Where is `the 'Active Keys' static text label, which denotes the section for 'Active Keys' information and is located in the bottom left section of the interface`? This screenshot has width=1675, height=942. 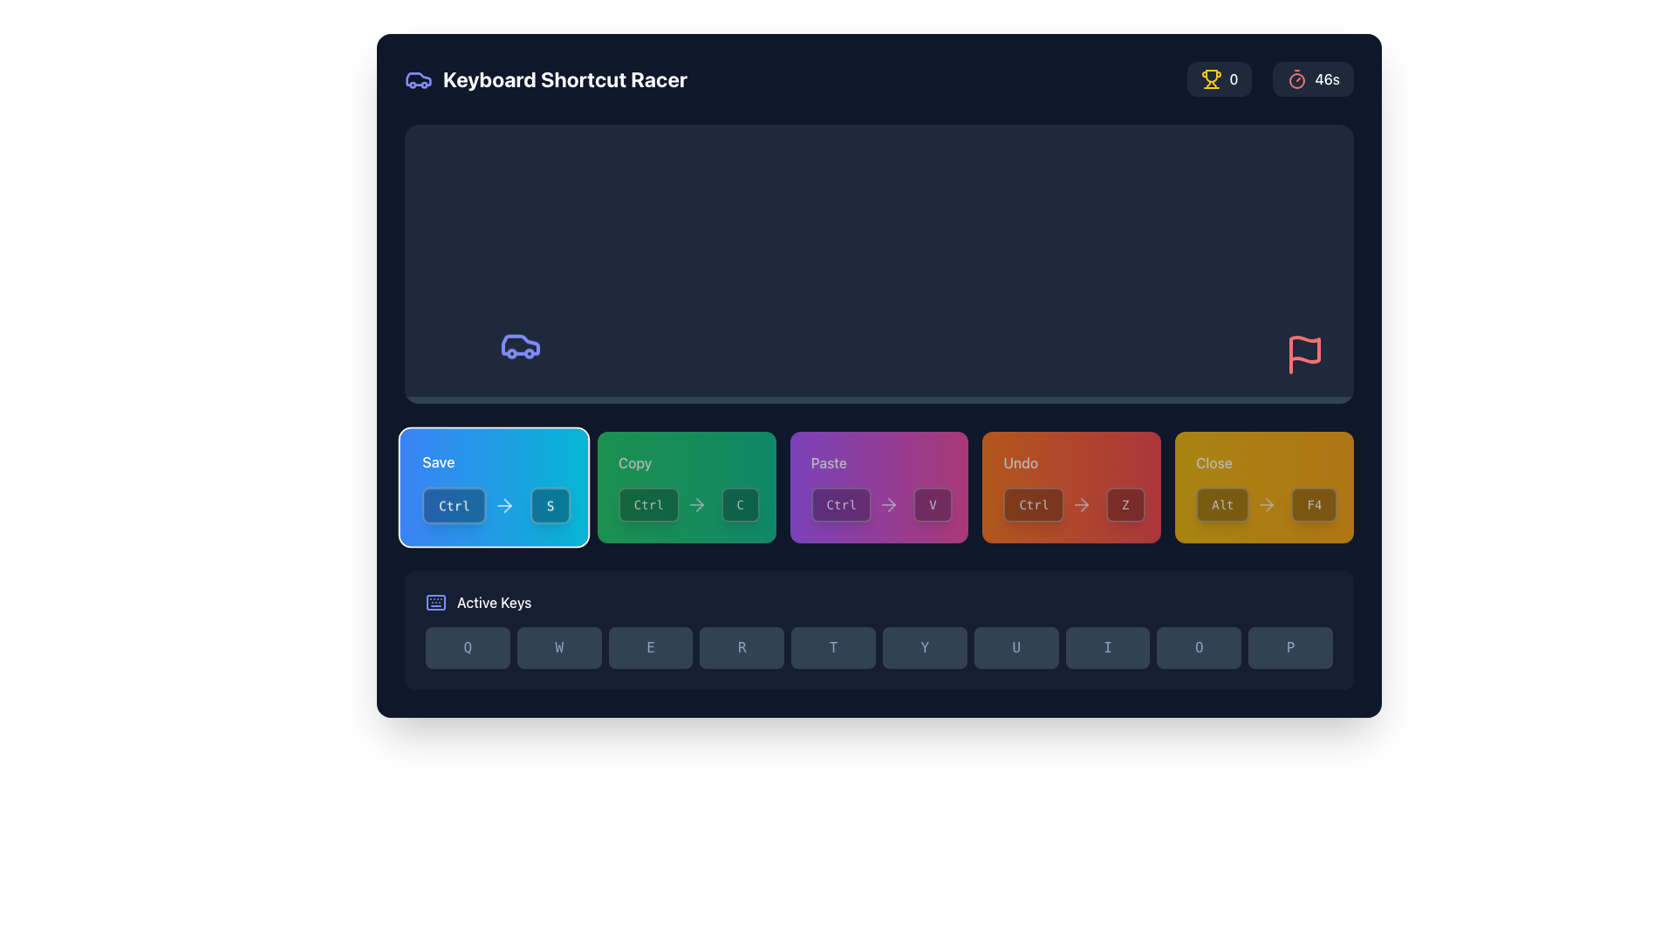 the 'Active Keys' static text label, which denotes the section for 'Active Keys' information and is located in the bottom left section of the interface is located at coordinates (493, 601).